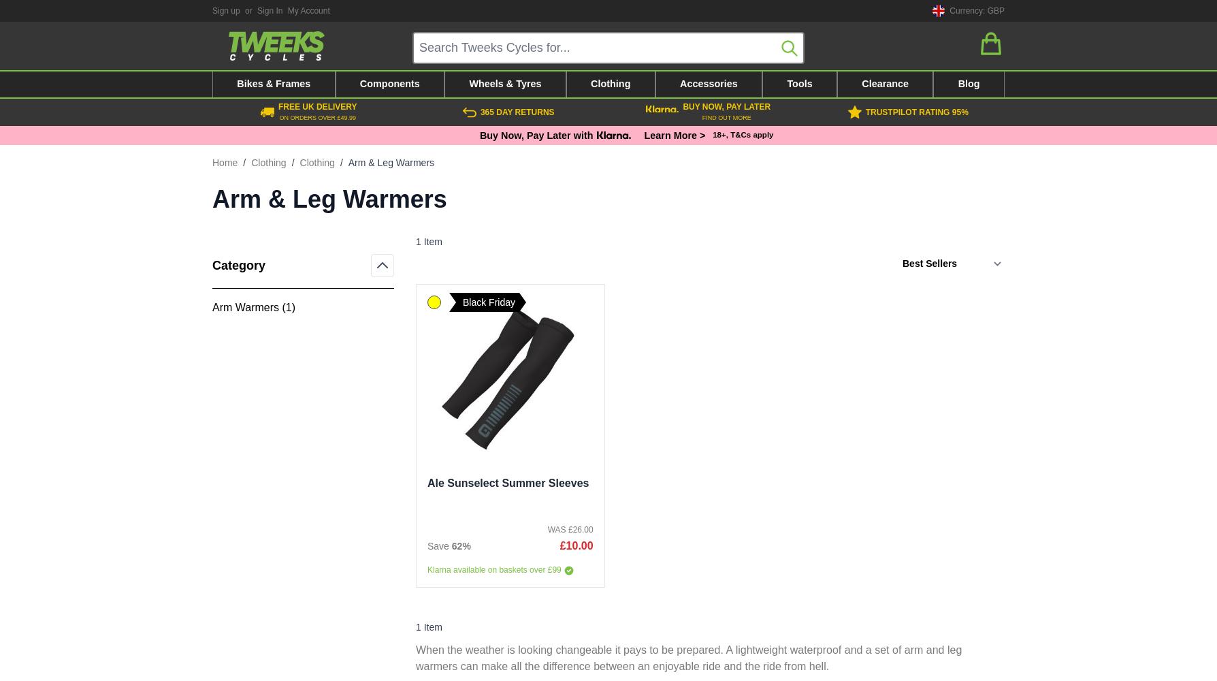 The height and width of the screenshot is (681, 1217). What do you see at coordinates (248, 306) in the screenshot?
I see `'Arm Warmers                                            ('` at bounding box center [248, 306].